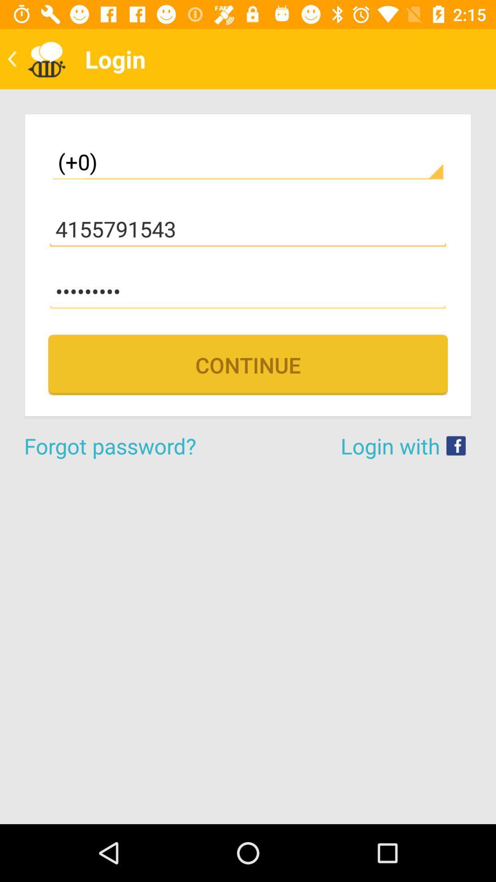 This screenshot has height=882, width=496. What do you see at coordinates (248, 229) in the screenshot?
I see `the 4155791543 item` at bounding box center [248, 229].